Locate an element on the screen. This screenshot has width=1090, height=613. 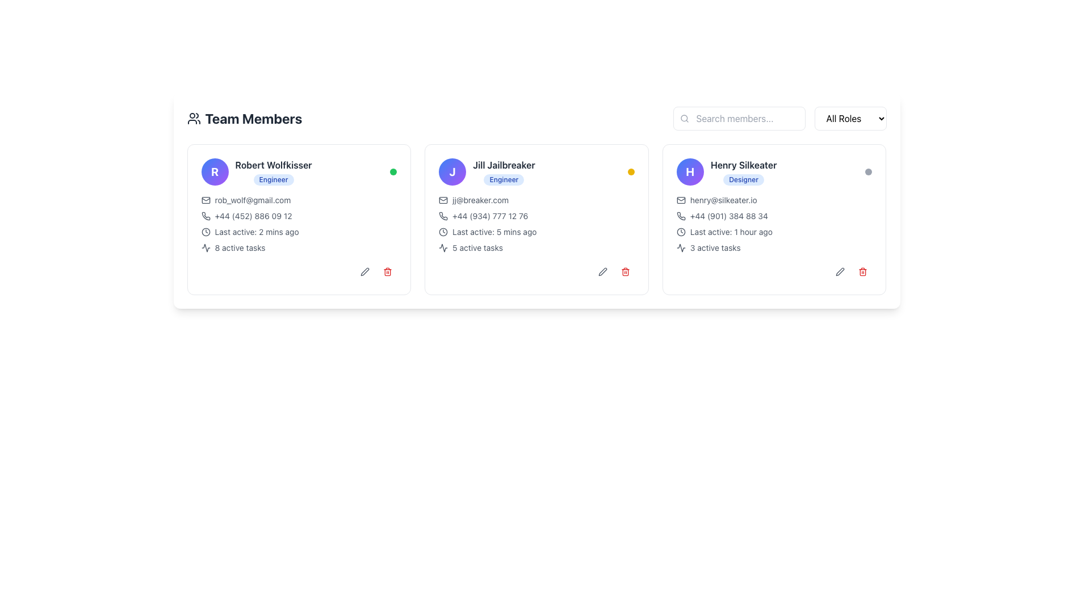
the delete icon button located at the bottom-right corner of the card representing 'Robert Wolfkisser' is located at coordinates (388, 271).